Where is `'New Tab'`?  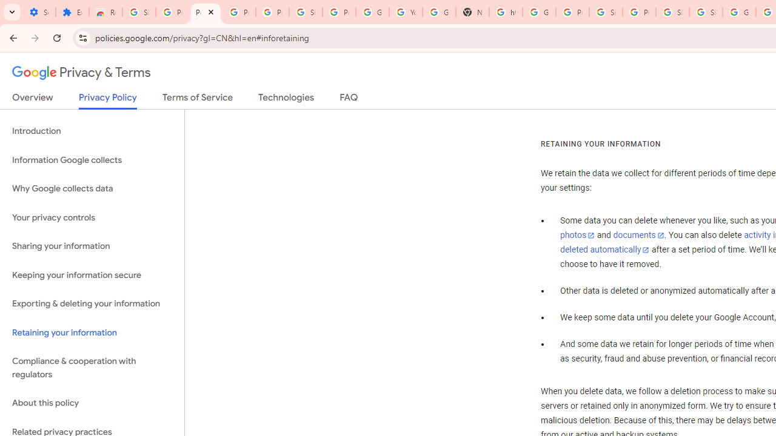 'New Tab' is located at coordinates (472, 12).